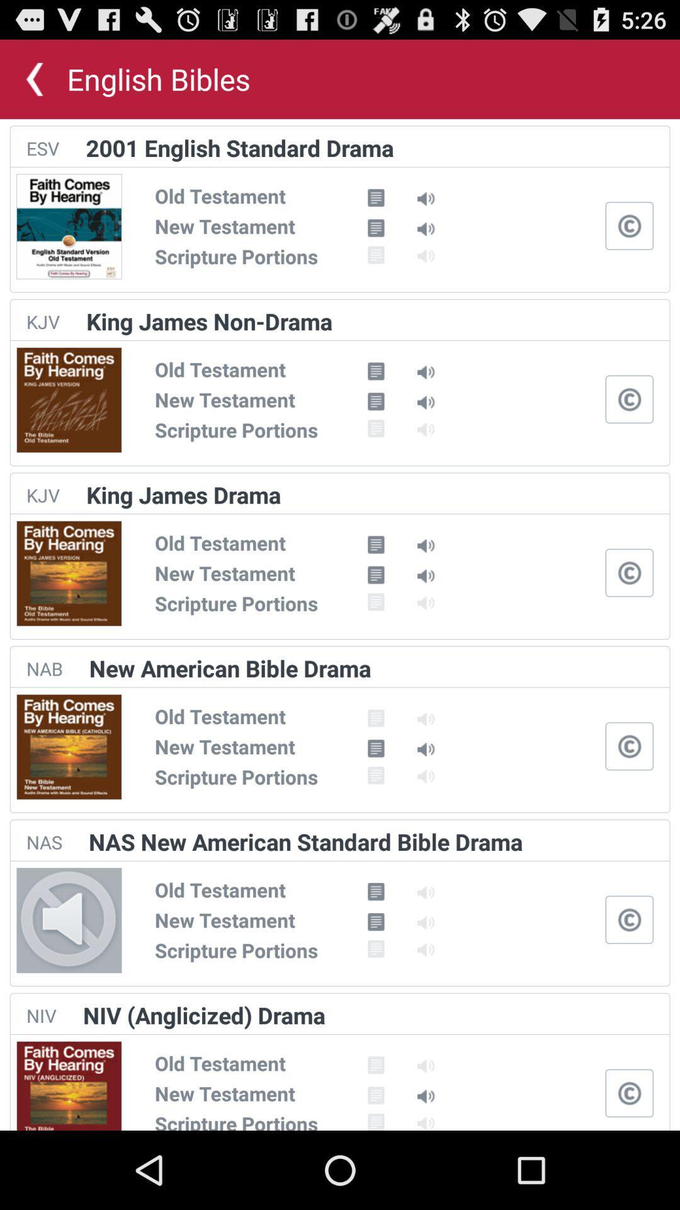  Describe the element at coordinates (203, 1015) in the screenshot. I see `the app next to niv item` at that location.